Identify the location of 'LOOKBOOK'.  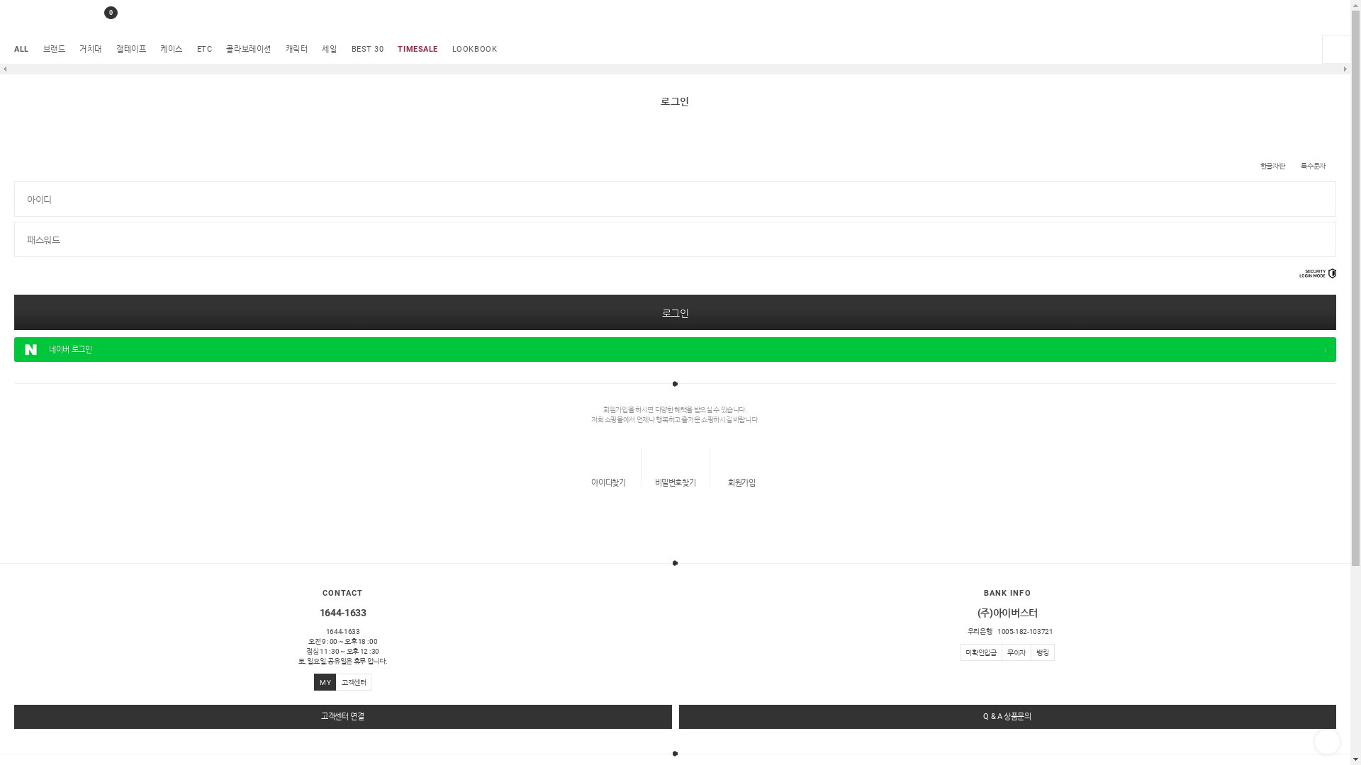
(474, 48).